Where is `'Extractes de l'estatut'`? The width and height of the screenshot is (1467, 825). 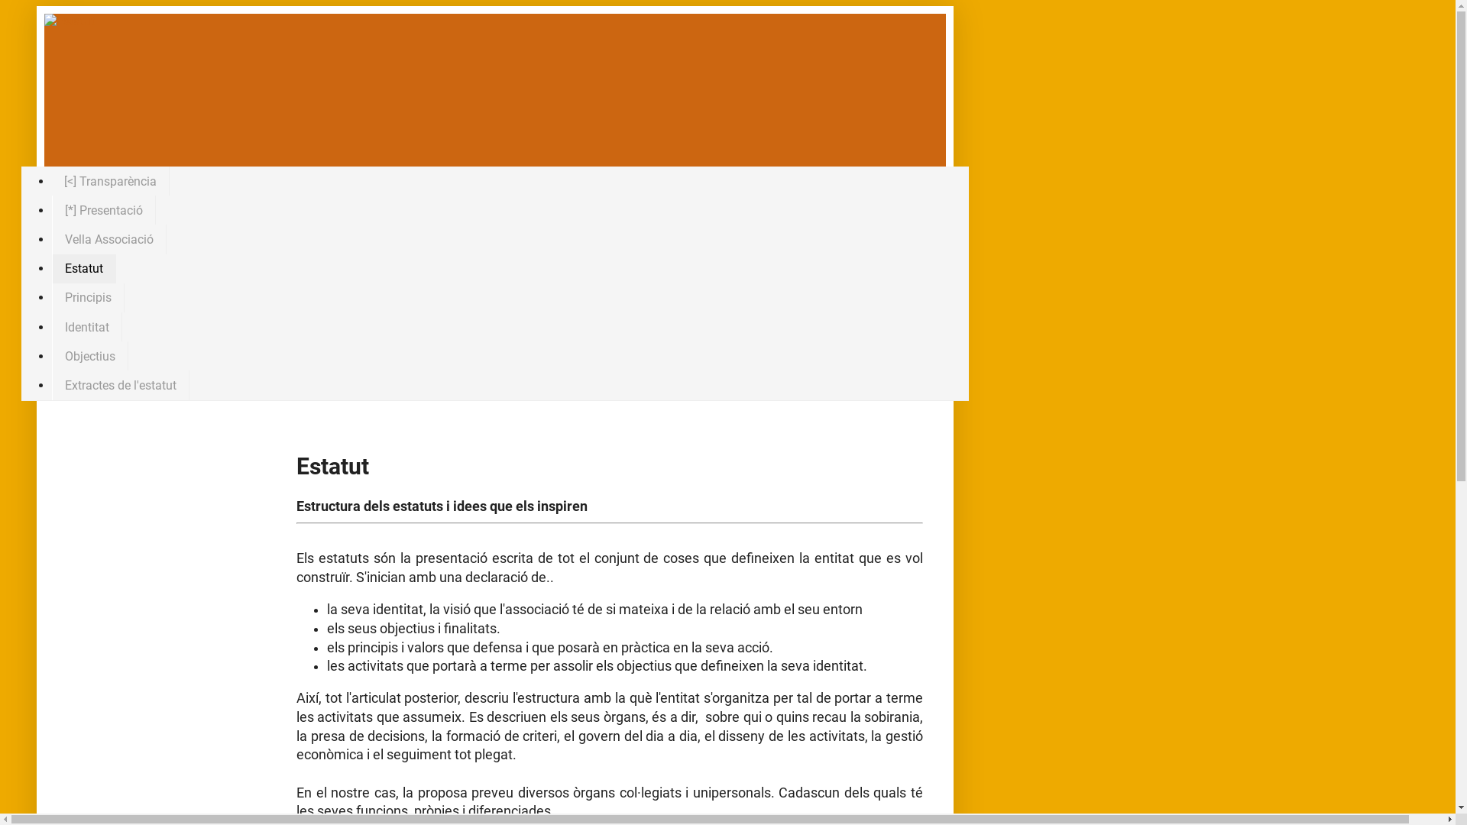 'Extractes de l'estatut' is located at coordinates (120, 384).